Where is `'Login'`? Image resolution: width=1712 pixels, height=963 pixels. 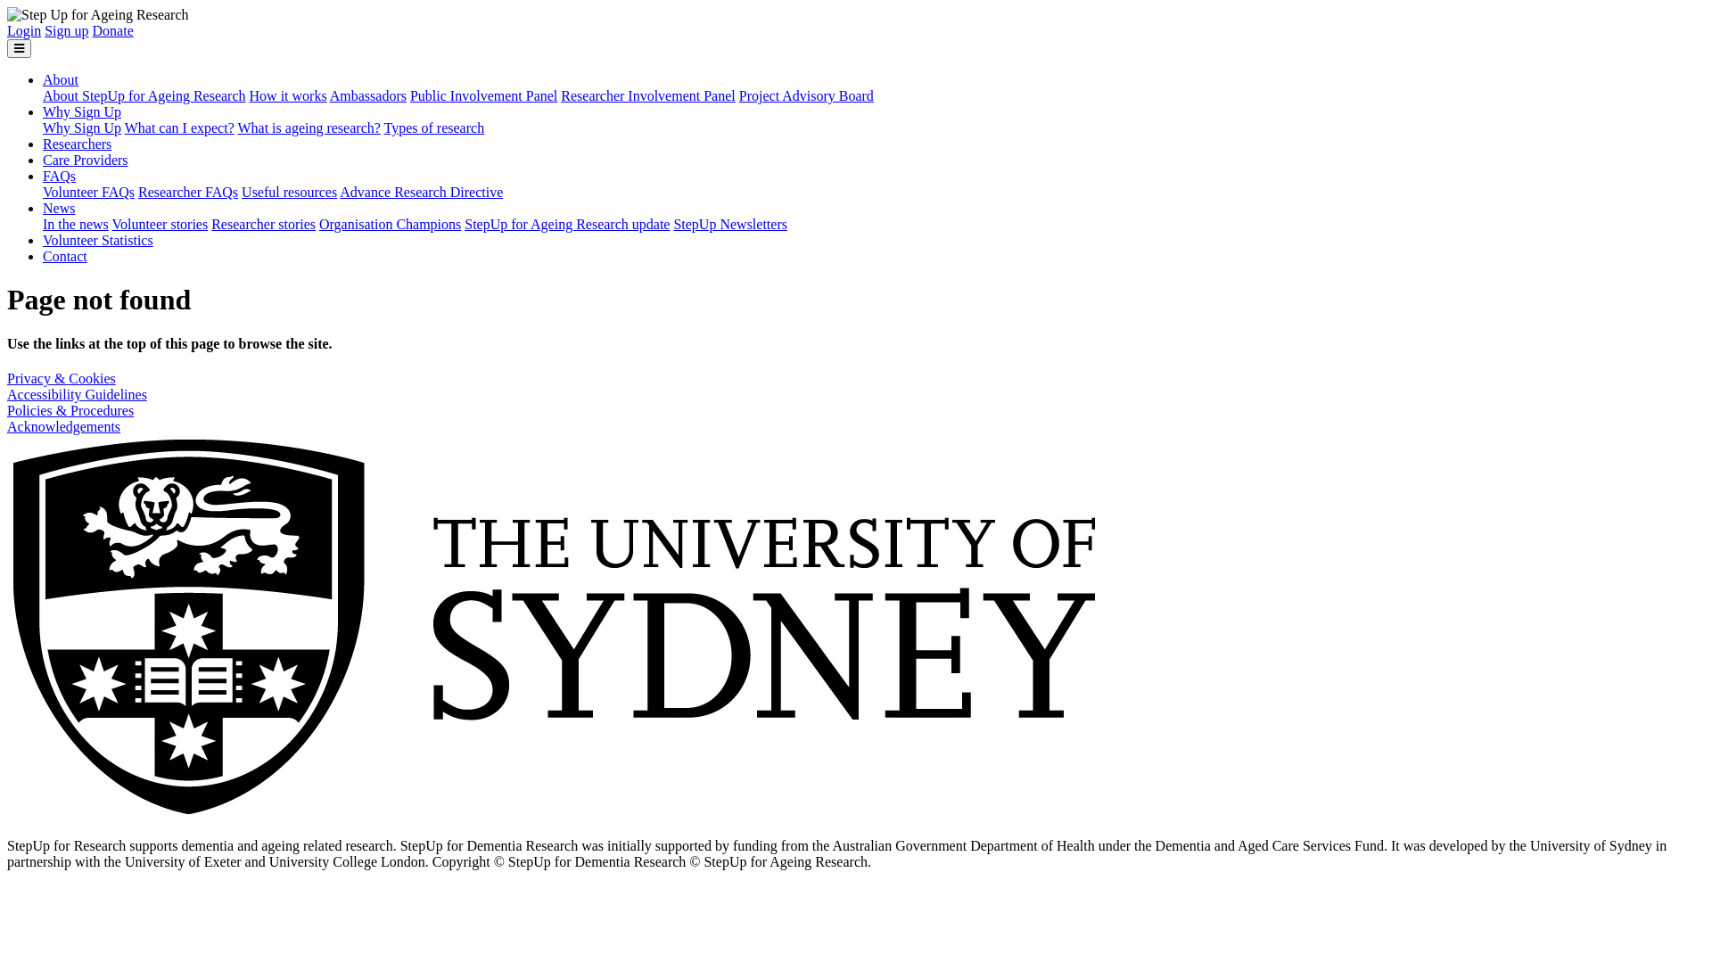
'Login' is located at coordinates (24, 30).